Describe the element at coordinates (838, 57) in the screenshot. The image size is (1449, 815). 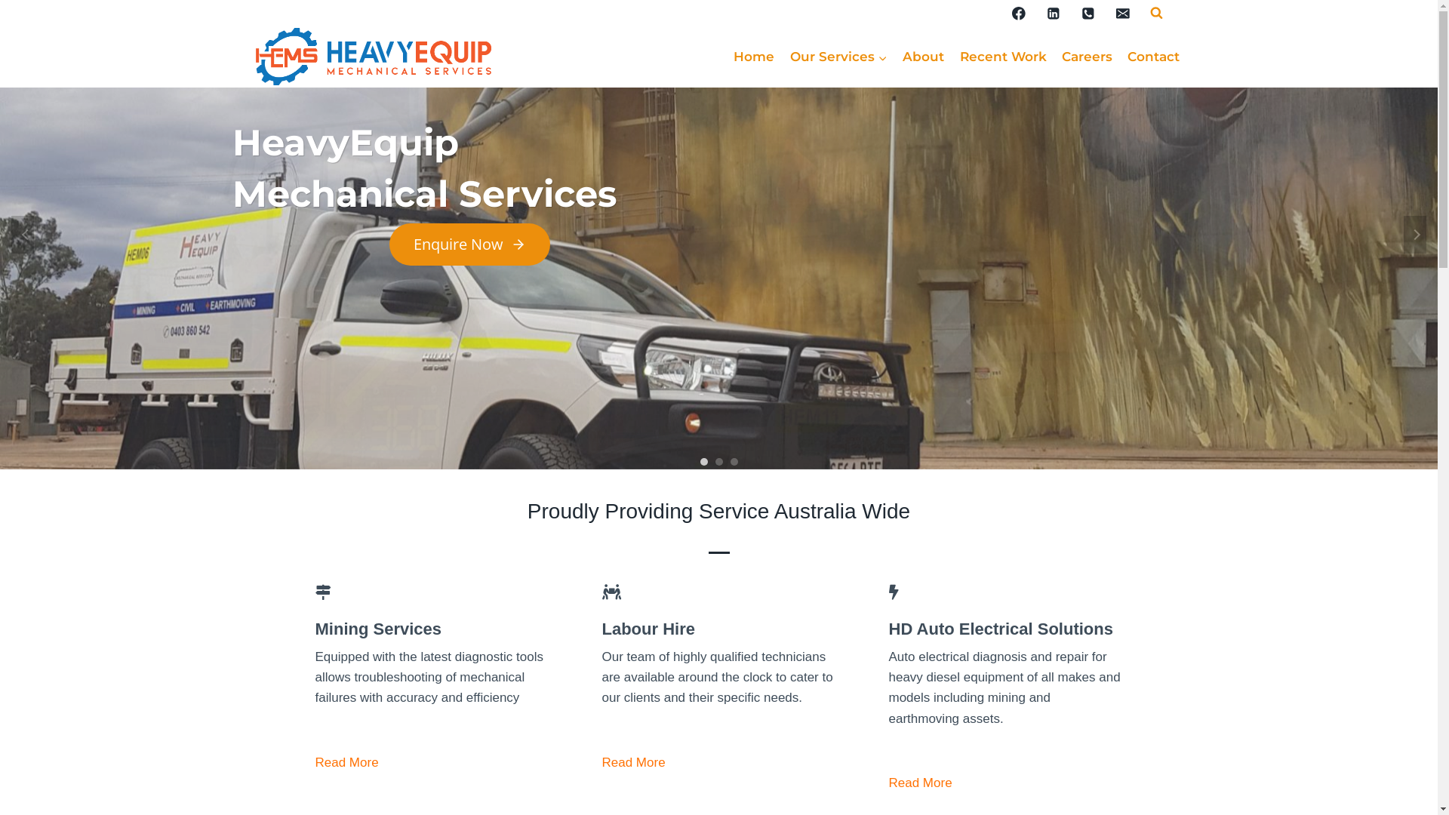
I see `'Our Services'` at that location.